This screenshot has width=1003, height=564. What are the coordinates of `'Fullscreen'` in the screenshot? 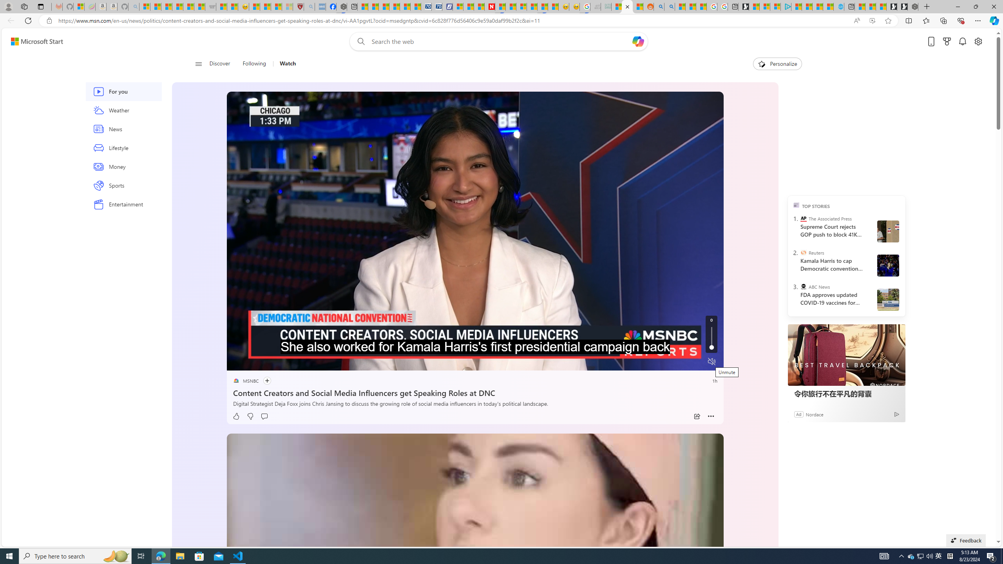 It's located at (697, 362).